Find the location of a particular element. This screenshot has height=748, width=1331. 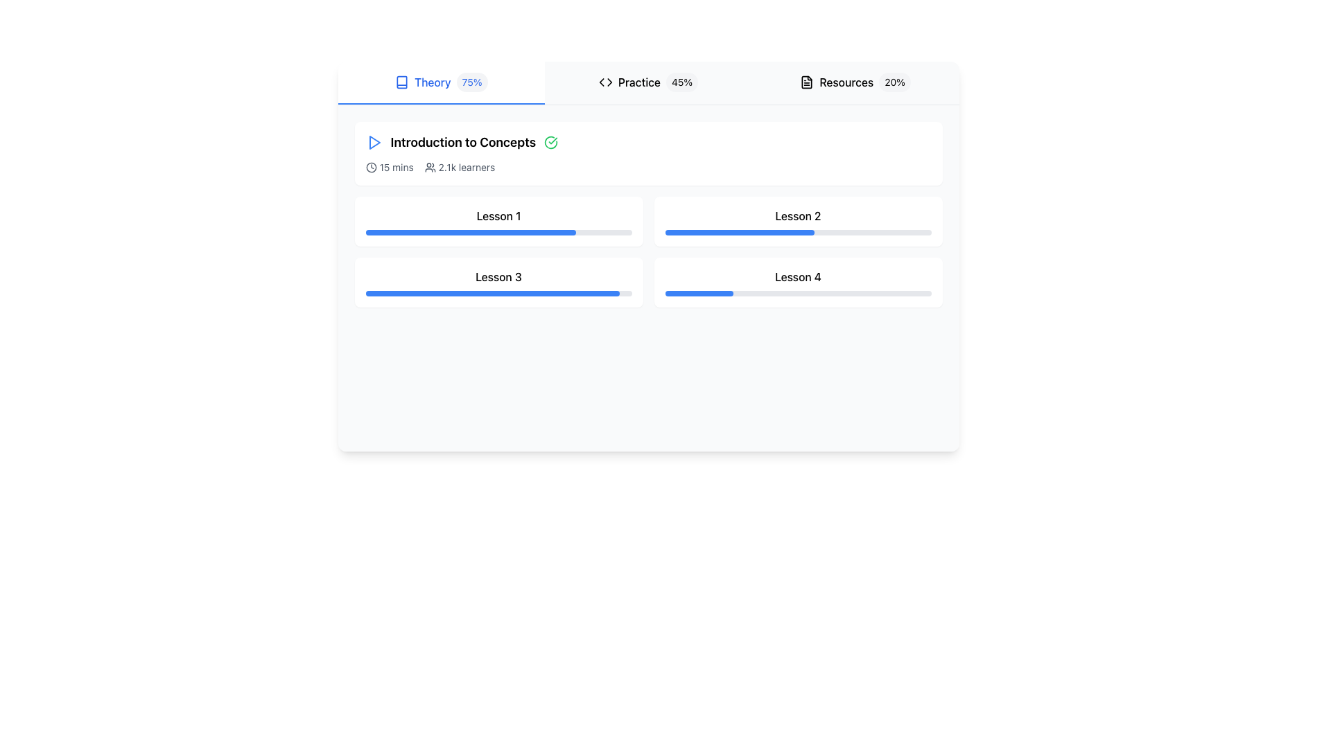

the progress bar located below the text block labeled 'Lesson 1', which is a horizontal bar with a gray background and a blue progress indicator filling 79% of the width is located at coordinates (498, 231).